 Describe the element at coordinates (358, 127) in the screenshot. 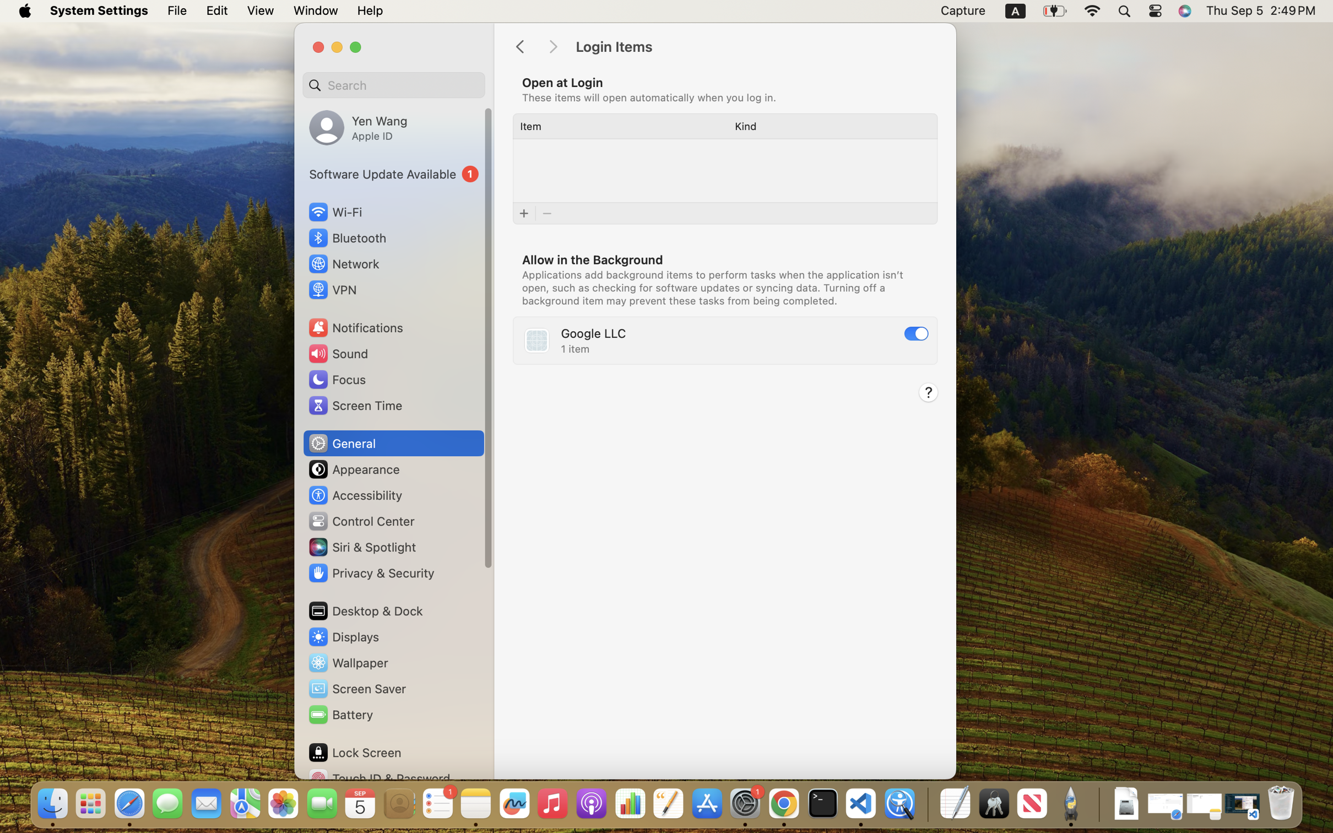

I see `'Yen Wang, Apple ID'` at that location.